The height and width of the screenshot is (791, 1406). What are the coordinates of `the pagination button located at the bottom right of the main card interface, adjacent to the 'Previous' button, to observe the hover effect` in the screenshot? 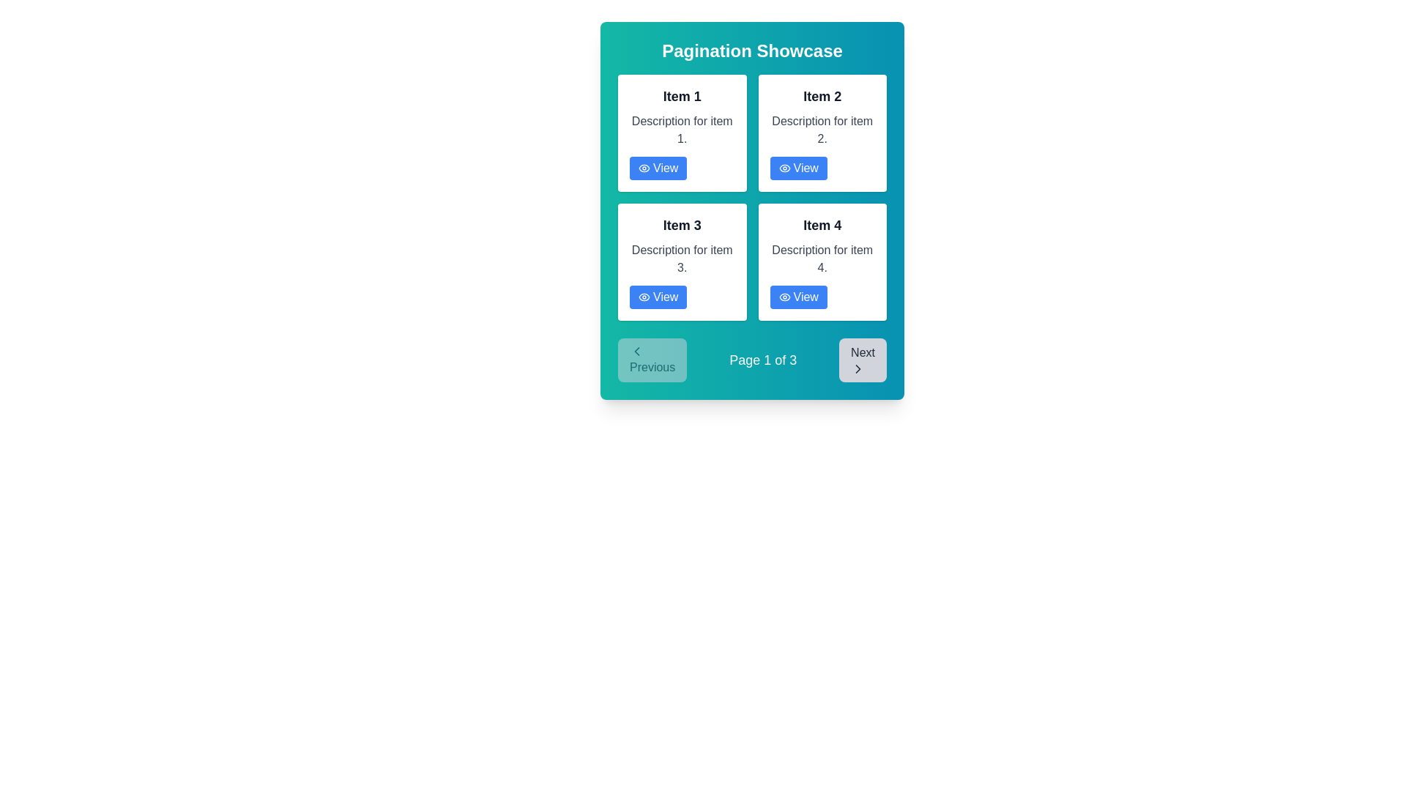 It's located at (863, 360).